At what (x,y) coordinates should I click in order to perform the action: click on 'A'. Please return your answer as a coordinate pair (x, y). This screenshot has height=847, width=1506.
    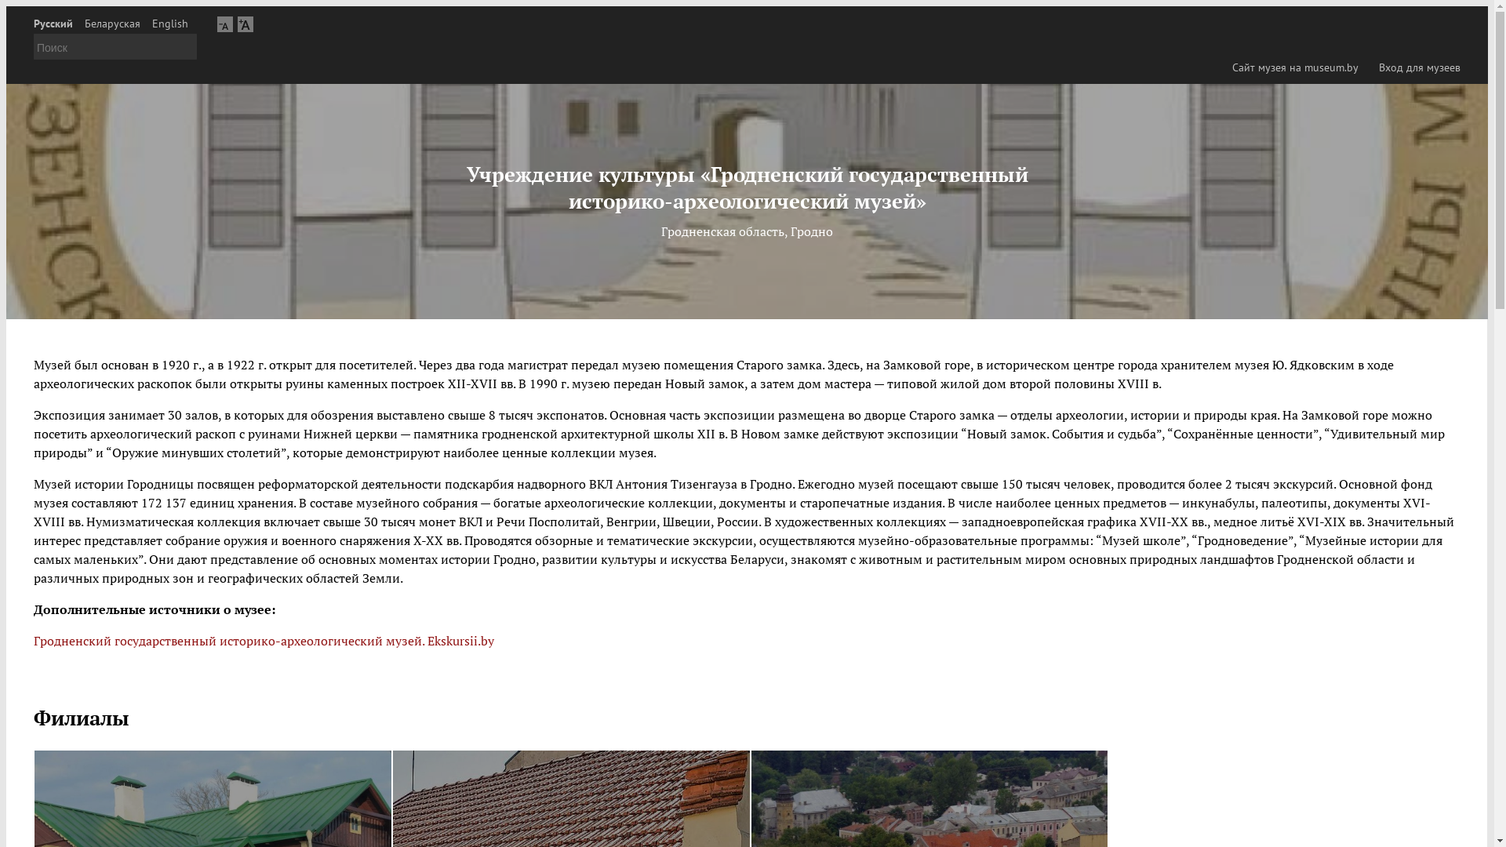
    Looking at the image, I should click on (224, 24).